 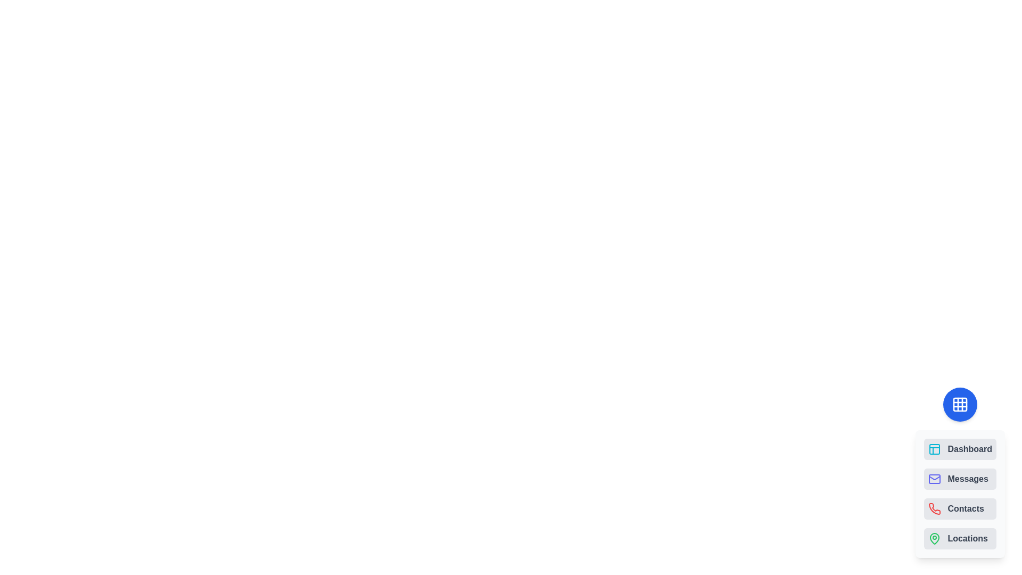 What do you see at coordinates (960, 478) in the screenshot?
I see `the button labeled Messages to observe visual feedback` at bounding box center [960, 478].